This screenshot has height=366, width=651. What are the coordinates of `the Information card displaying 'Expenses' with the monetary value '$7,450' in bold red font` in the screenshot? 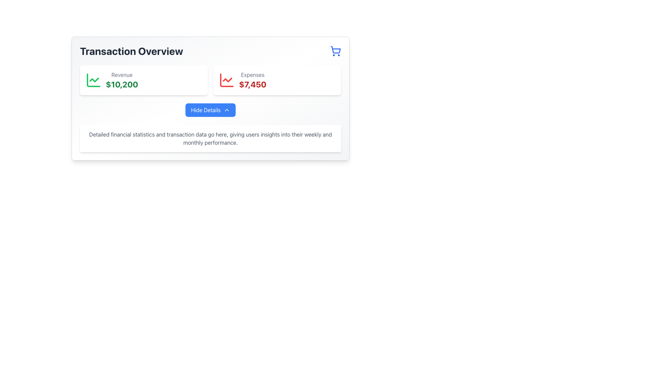 It's located at (277, 80).